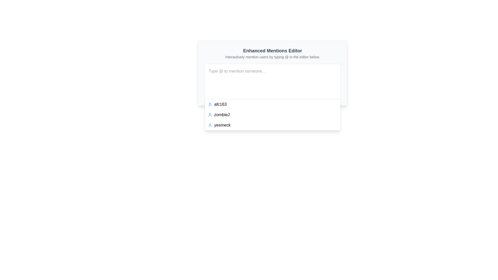 The image size is (498, 280). What do you see at coordinates (210, 115) in the screenshot?
I see `the user icon located at the top-right section of the interface, which is positioned to the left of the text label 'zombieJ'` at bounding box center [210, 115].